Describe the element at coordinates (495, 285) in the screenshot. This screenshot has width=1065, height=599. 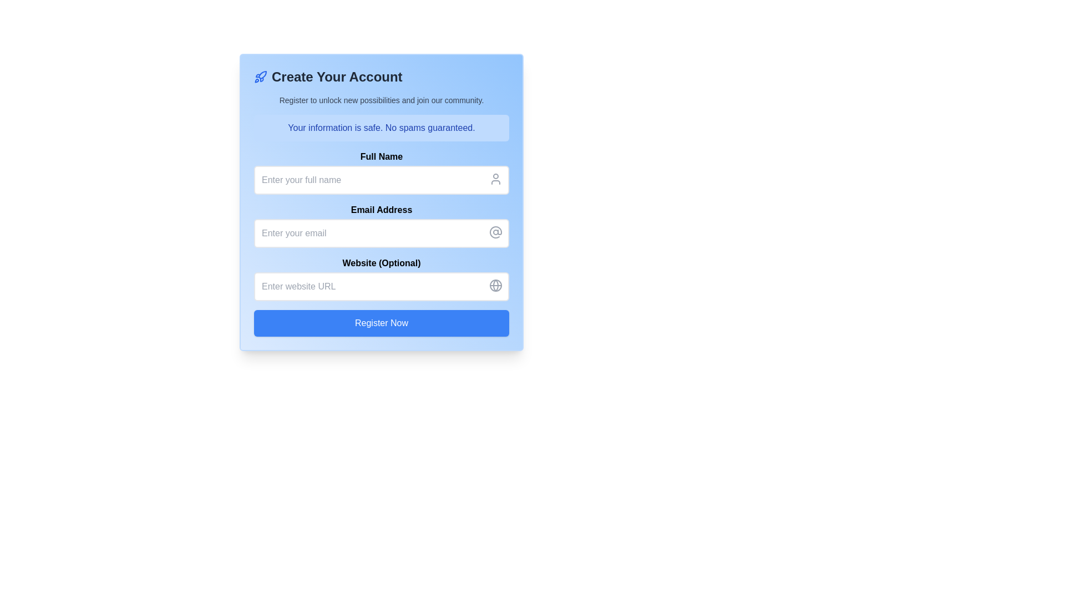
I see `the circular part of the globe-shaped icon located in the top-right corner of the card` at that location.